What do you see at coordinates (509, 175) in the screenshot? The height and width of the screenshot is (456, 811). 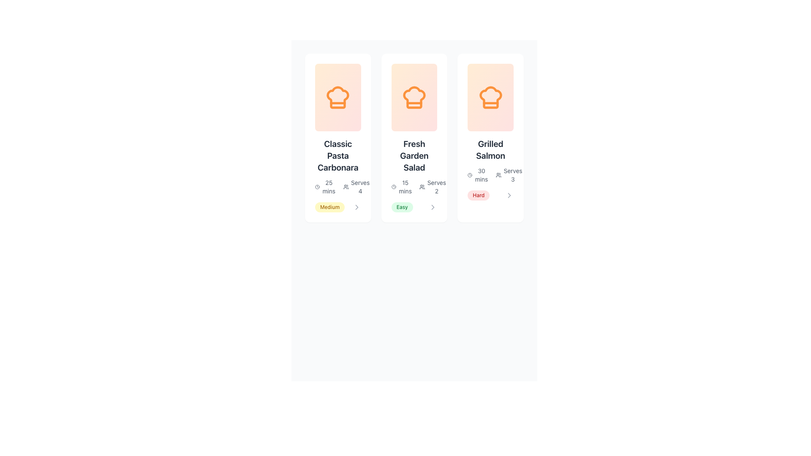 I see `the informational text element displaying 'Serves 3' with a group of people icon, located at the bottom right of the 'Grilled Salmon' card` at bounding box center [509, 175].